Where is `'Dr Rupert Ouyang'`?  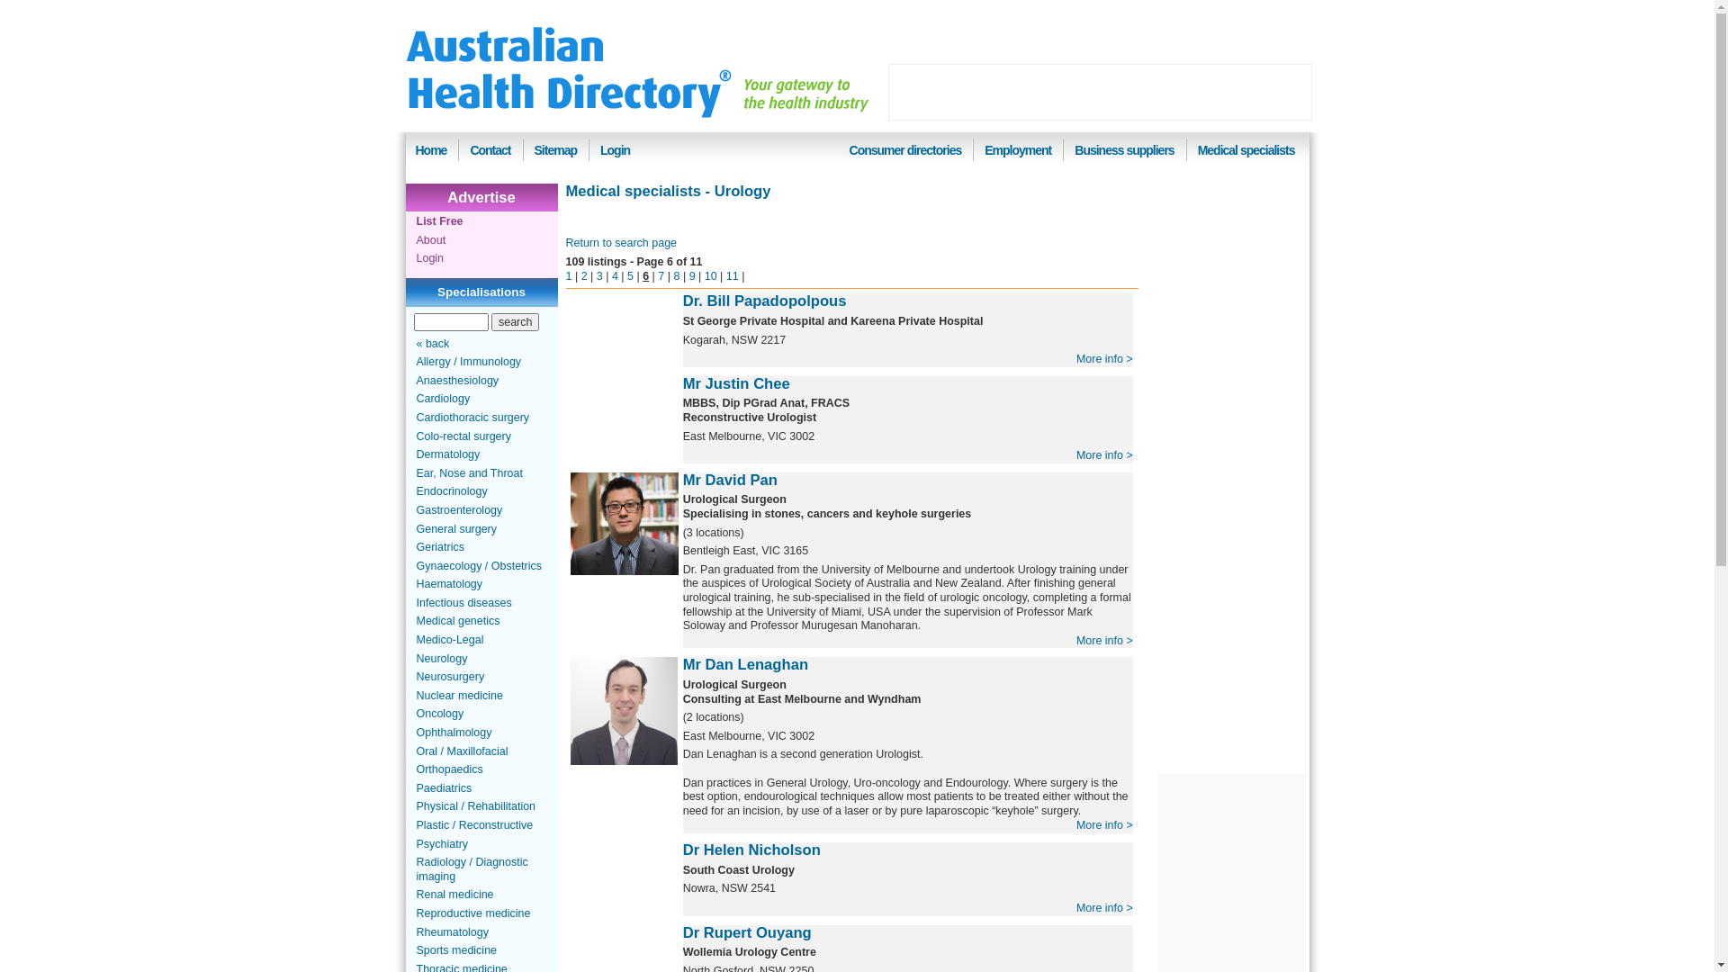
'Dr Rupert Ouyang' is located at coordinates (747, 931).